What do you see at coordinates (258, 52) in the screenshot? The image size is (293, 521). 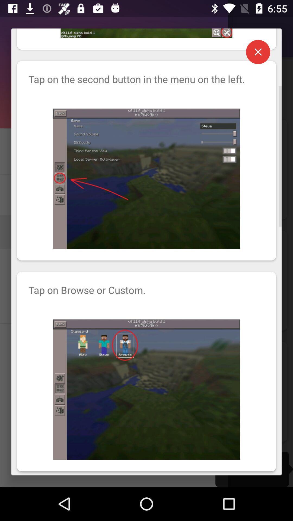 I see `item above tap on the item` at bounding box center [258, 52].